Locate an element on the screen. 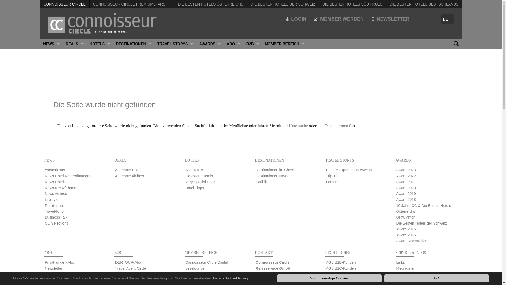  'Links' is located at coordinates (396, 262).